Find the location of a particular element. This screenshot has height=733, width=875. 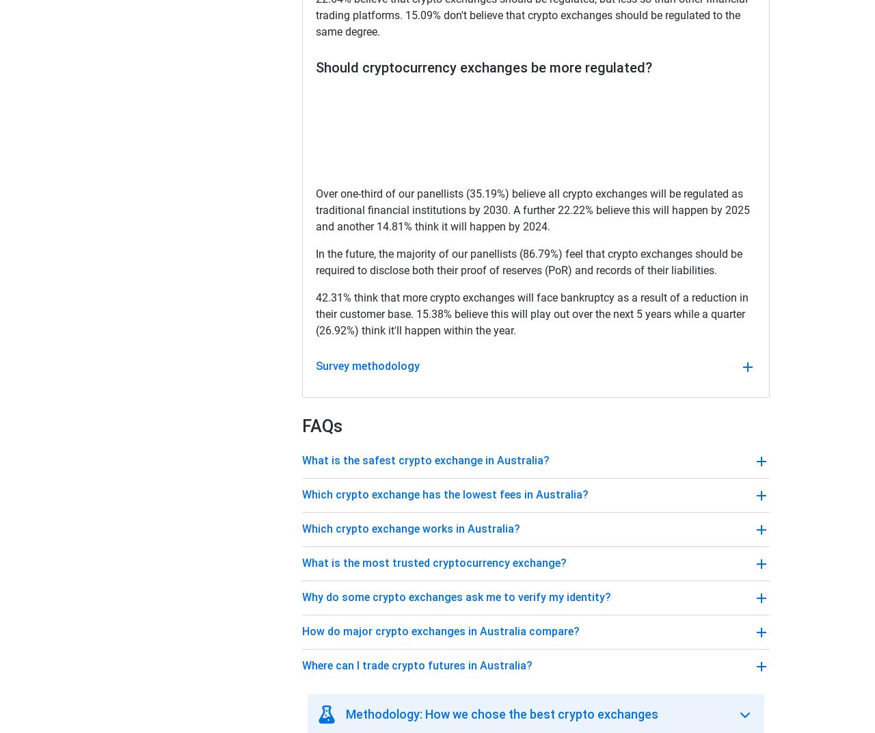

'Over one-third of our panellists (35.19%) believe all crypto exchanges will be regulated as traditional financial institutions by 2030. A further 22.22% believe this will happen by 2025 and another 14.81% think it will happen by 2024.' is located at coordinates (532, 209).